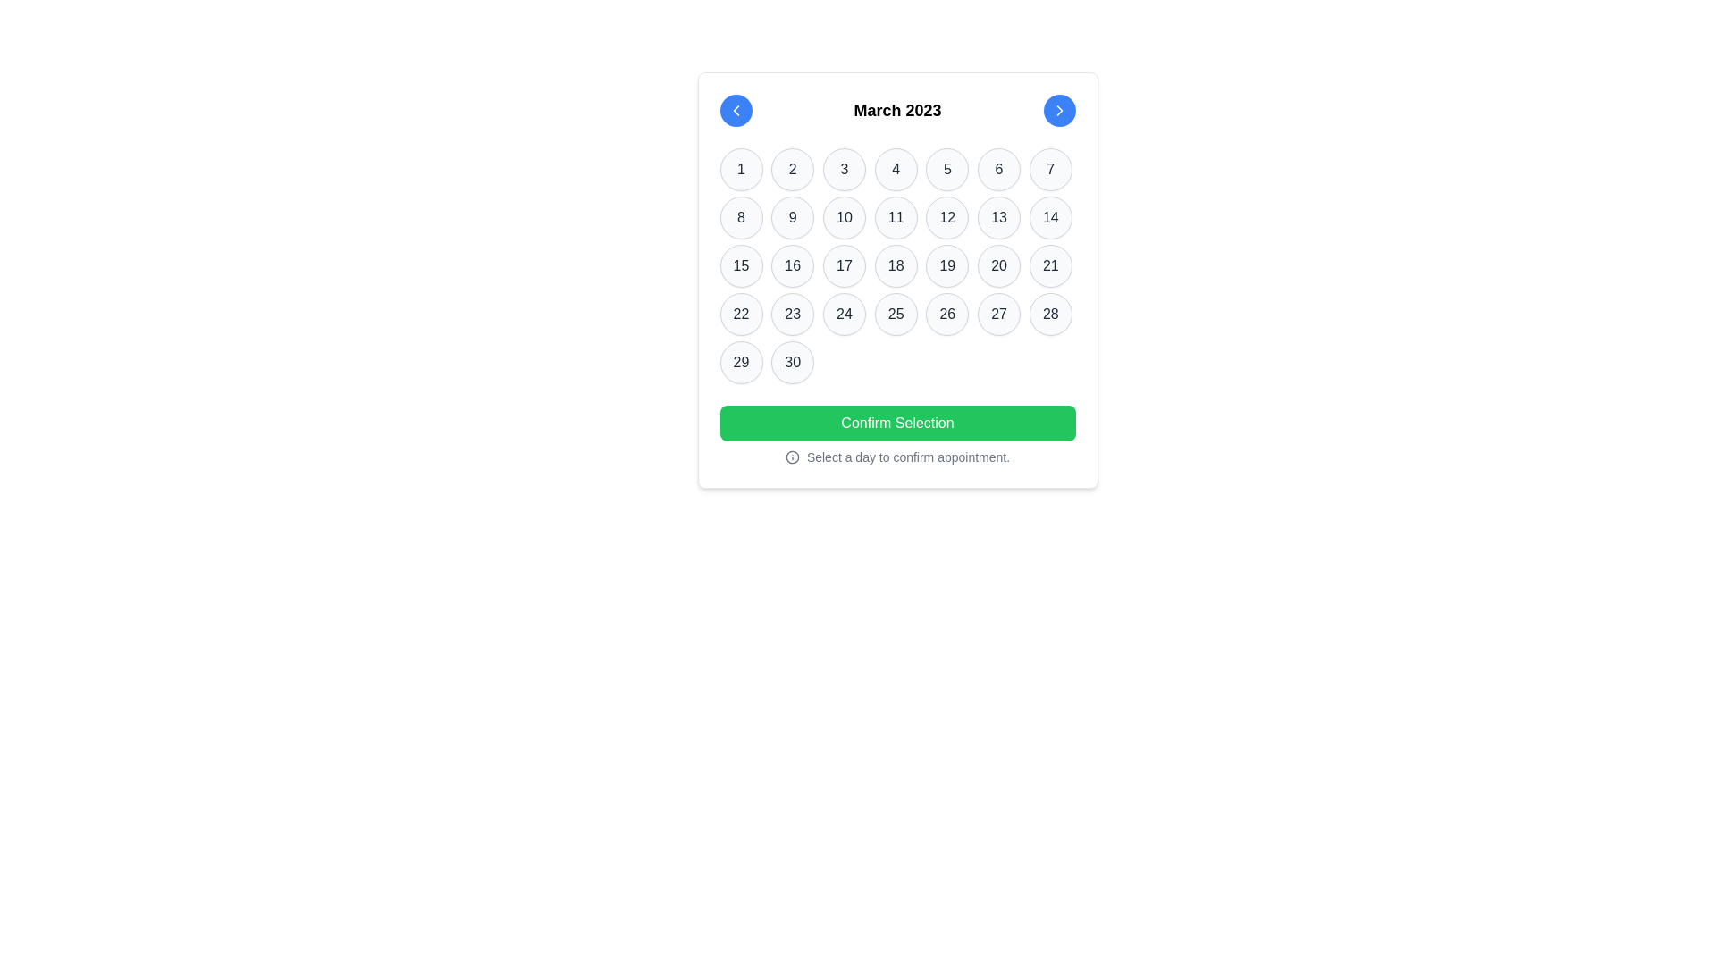  Describe the element at coordinates (896, 169) in the screenshot. I see `the button labeled '4' in the calendar interface` at that location.